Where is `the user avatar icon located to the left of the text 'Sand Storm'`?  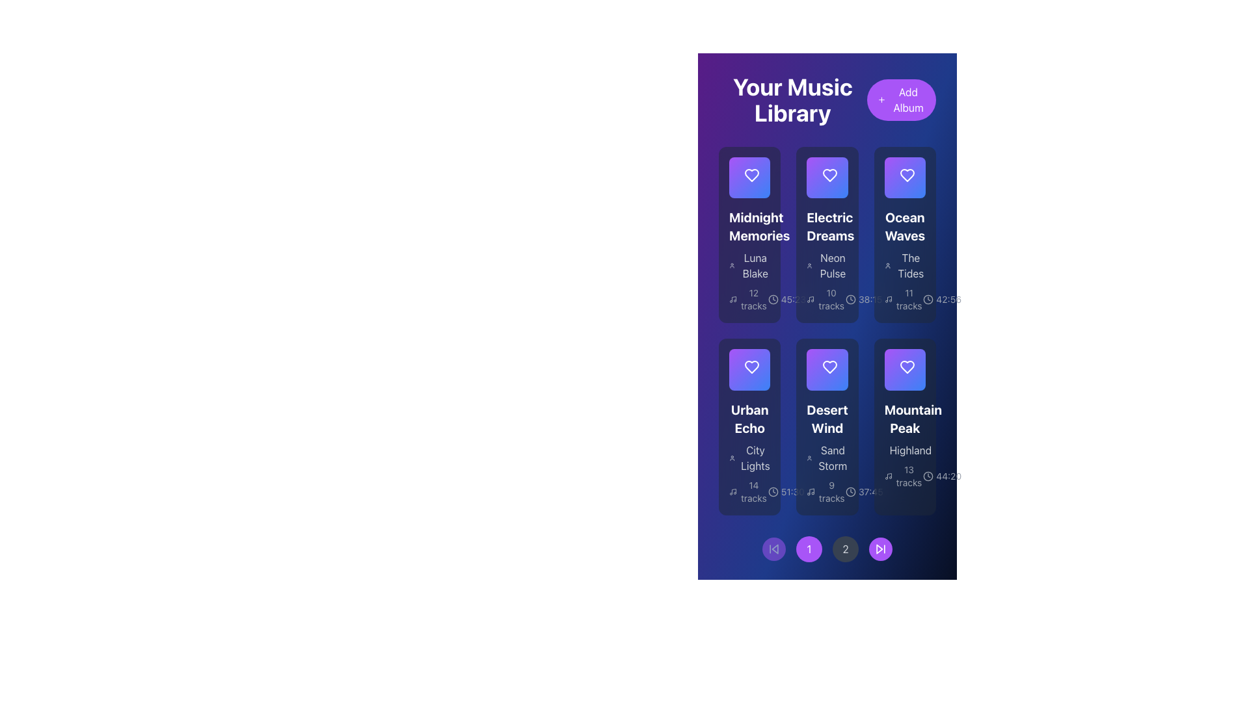
the user avatar icon located to the left of the text 'Sand Storm' is located at coordinates (809, 457).